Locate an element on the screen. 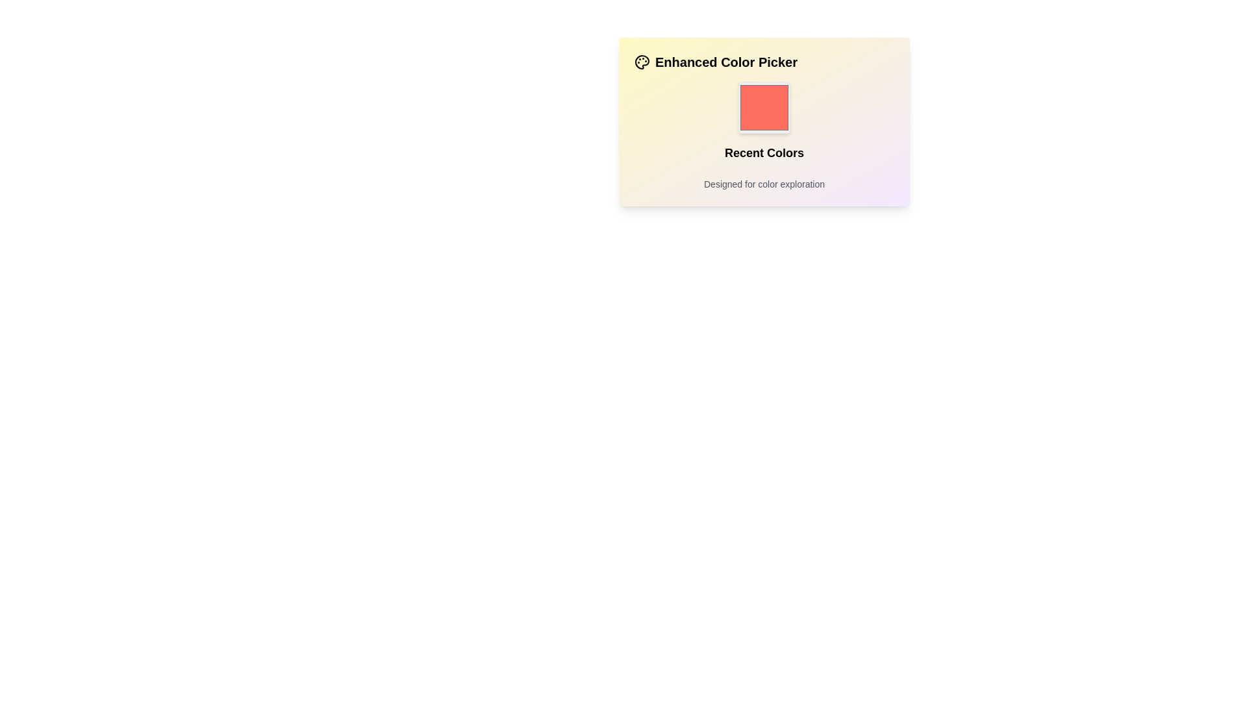 The width and height of the screenshot is (1247, 701). the color selection tile representing red color, located centrally within the 'Enhanced Color Picker' card is located at coordinates (764, 106).